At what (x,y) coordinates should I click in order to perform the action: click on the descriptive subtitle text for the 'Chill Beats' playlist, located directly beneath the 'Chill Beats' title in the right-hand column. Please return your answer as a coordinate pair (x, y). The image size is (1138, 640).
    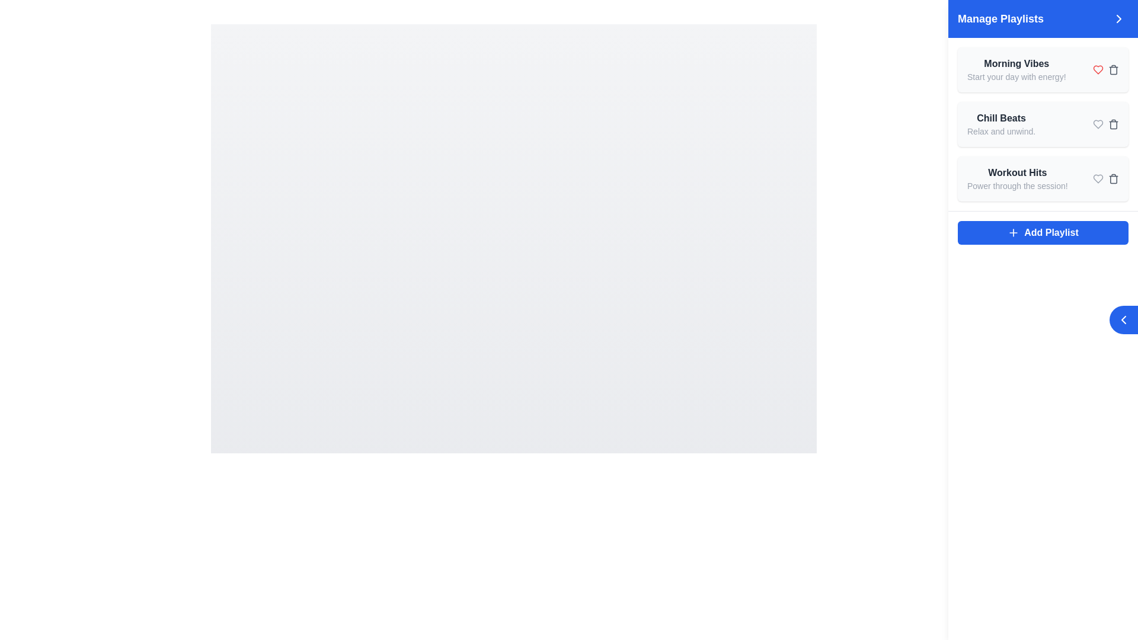
    Looking at the image, I should click on (1000, 132).